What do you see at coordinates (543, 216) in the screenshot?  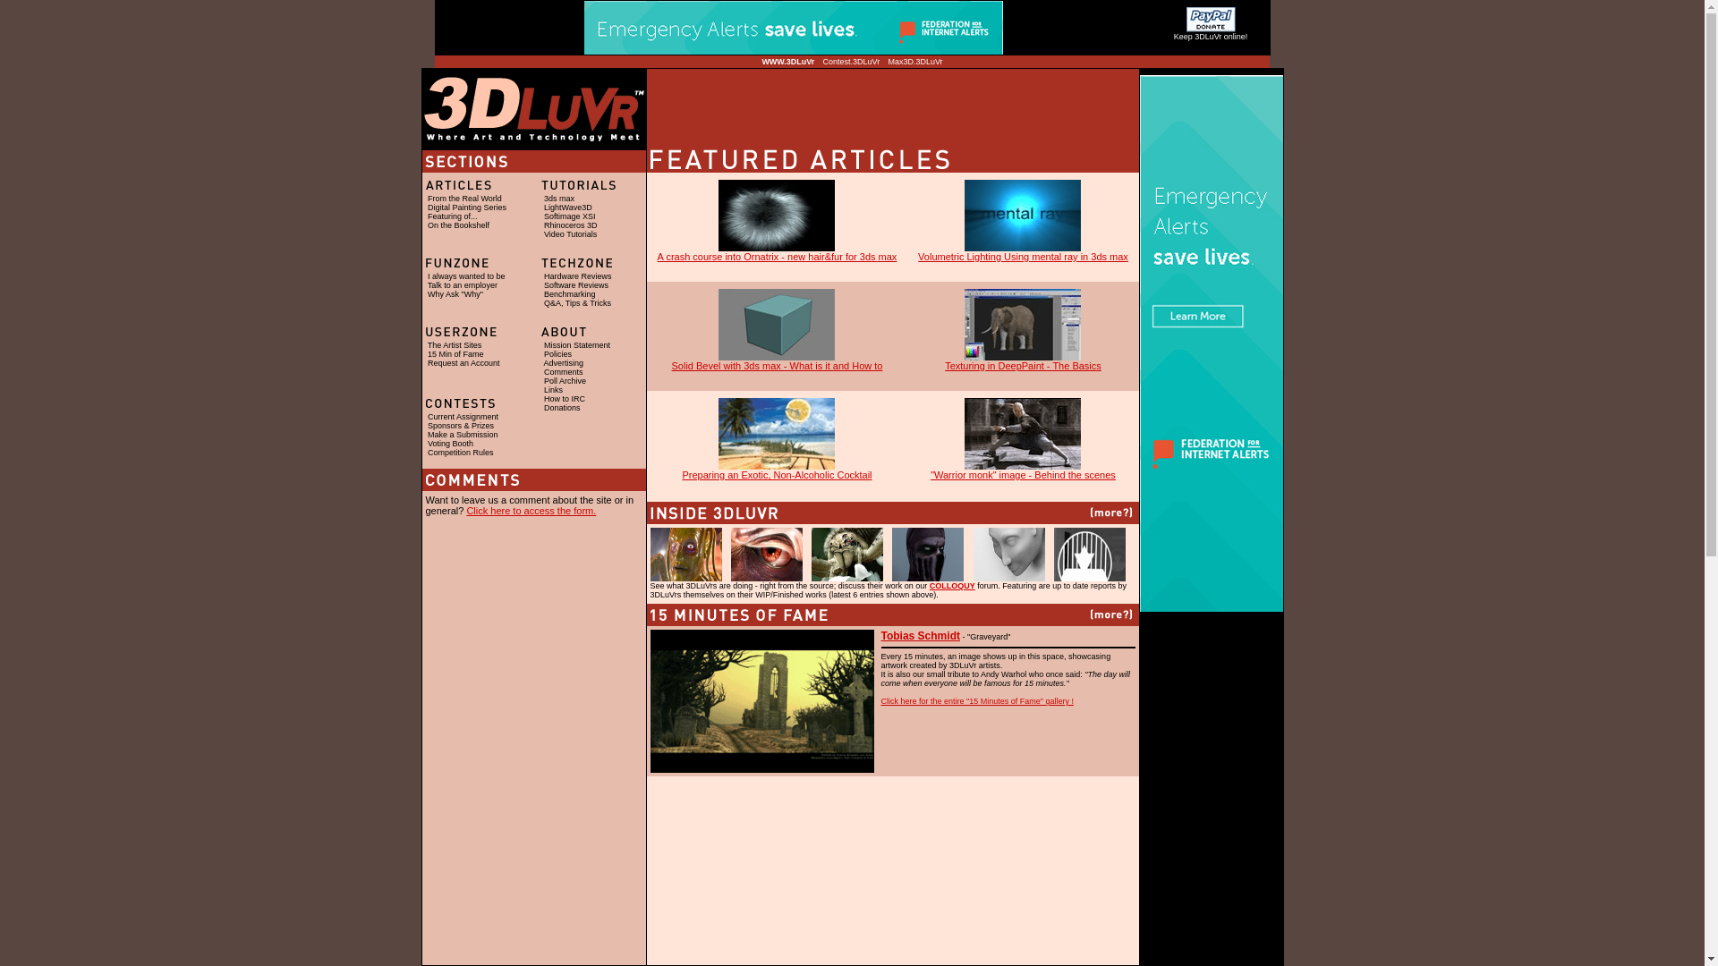 I see `'Softimage XSI'` at bounding box center [543, 216].